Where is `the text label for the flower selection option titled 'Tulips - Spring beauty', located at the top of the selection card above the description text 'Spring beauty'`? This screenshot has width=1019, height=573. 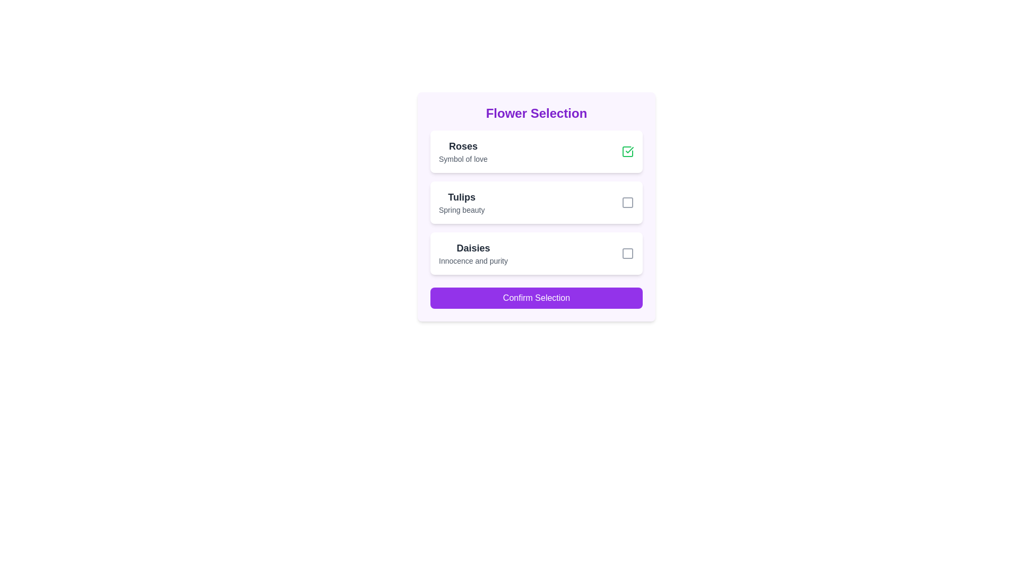
the text label for the flower selection option titled 'Tulips - Spring beauty', located at the top of the selection card above the description text 'Spring beauty' is located at coordinates (462, 197).